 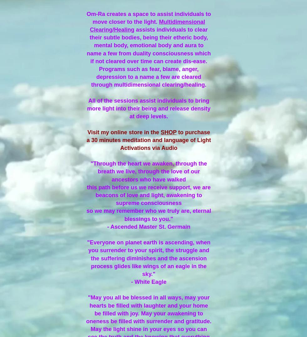 What do you see at coordinates (124, 131) in the screenshot?
I see `'Visit my online store in the'` at bounding box center [124, 131].